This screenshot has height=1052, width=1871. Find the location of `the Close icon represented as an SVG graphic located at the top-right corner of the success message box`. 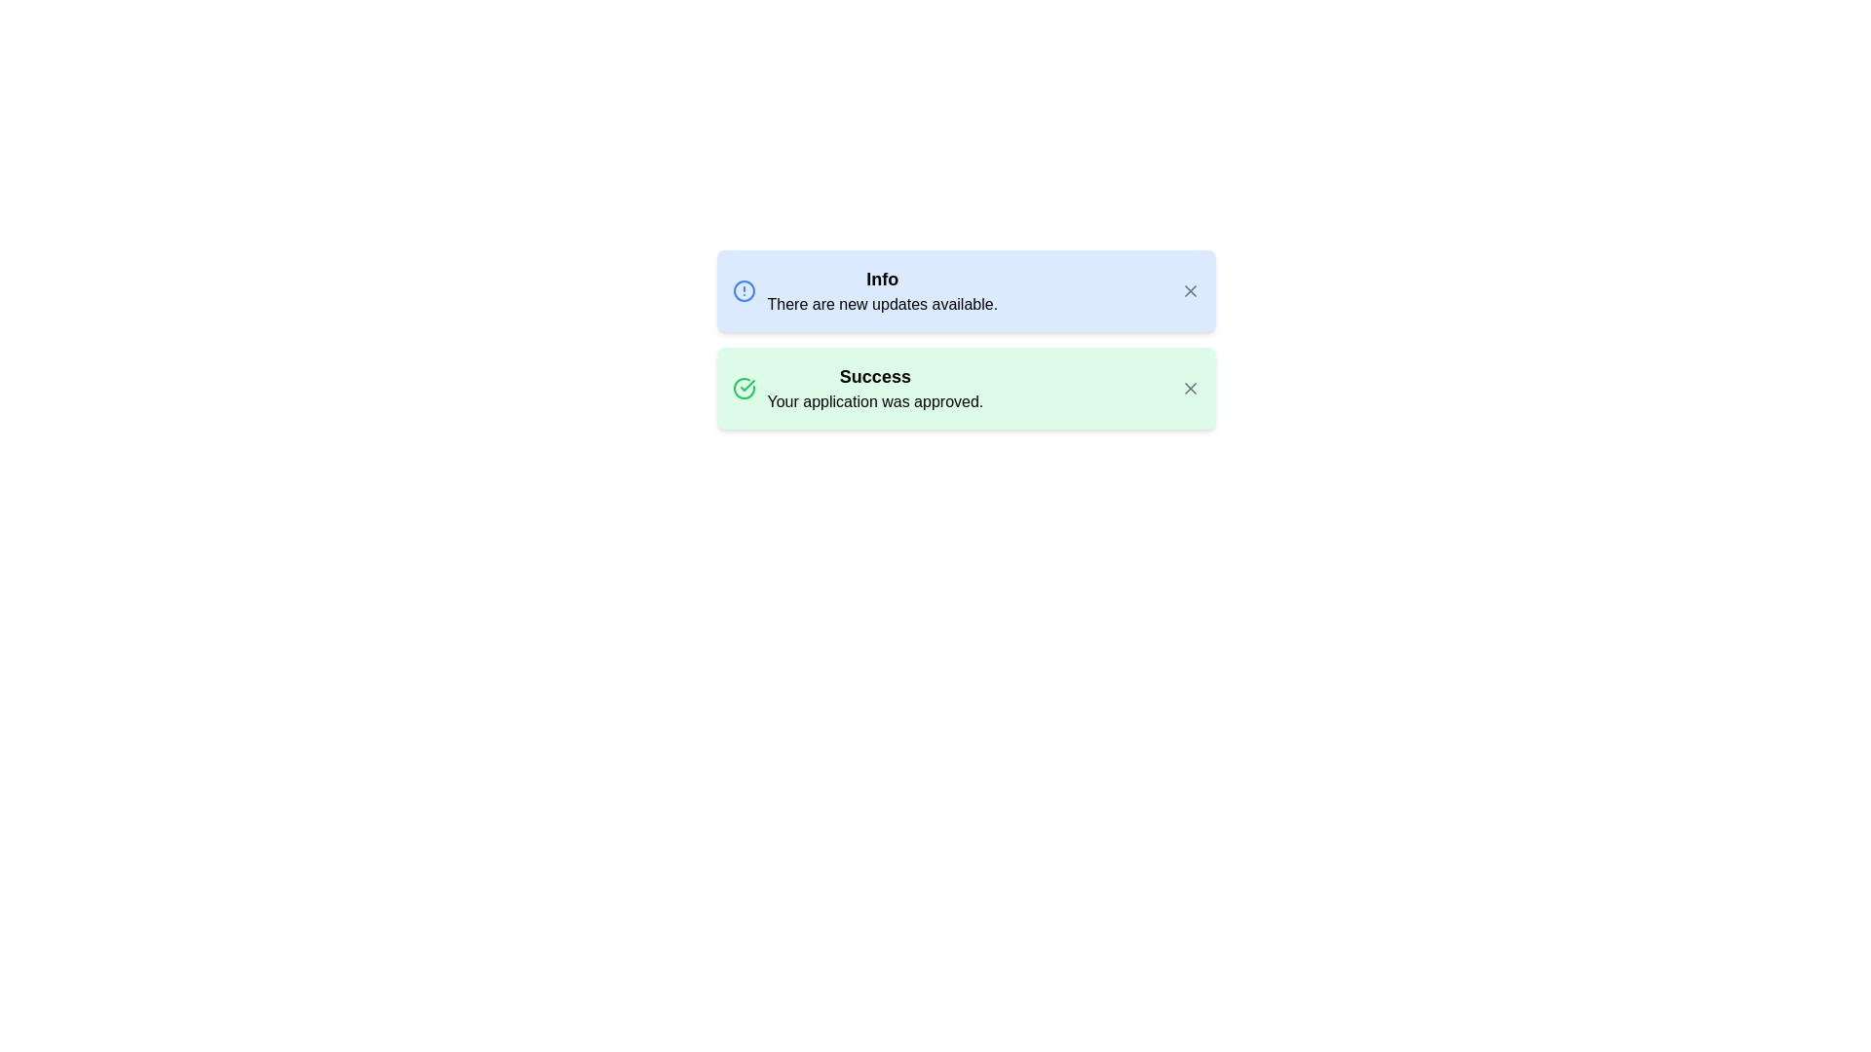

the Close icon represented as an SVG graphic located at the top-right corner of the success message box is located at coordinates (1189, 388).